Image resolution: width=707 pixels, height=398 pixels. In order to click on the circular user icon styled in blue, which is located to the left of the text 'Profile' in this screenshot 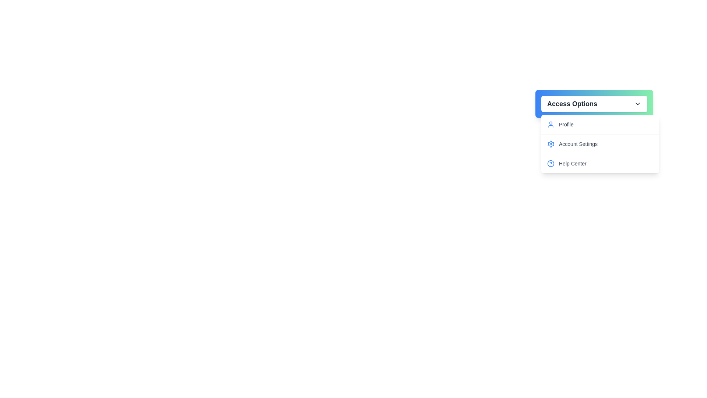, I will do `click(551, 124)`.